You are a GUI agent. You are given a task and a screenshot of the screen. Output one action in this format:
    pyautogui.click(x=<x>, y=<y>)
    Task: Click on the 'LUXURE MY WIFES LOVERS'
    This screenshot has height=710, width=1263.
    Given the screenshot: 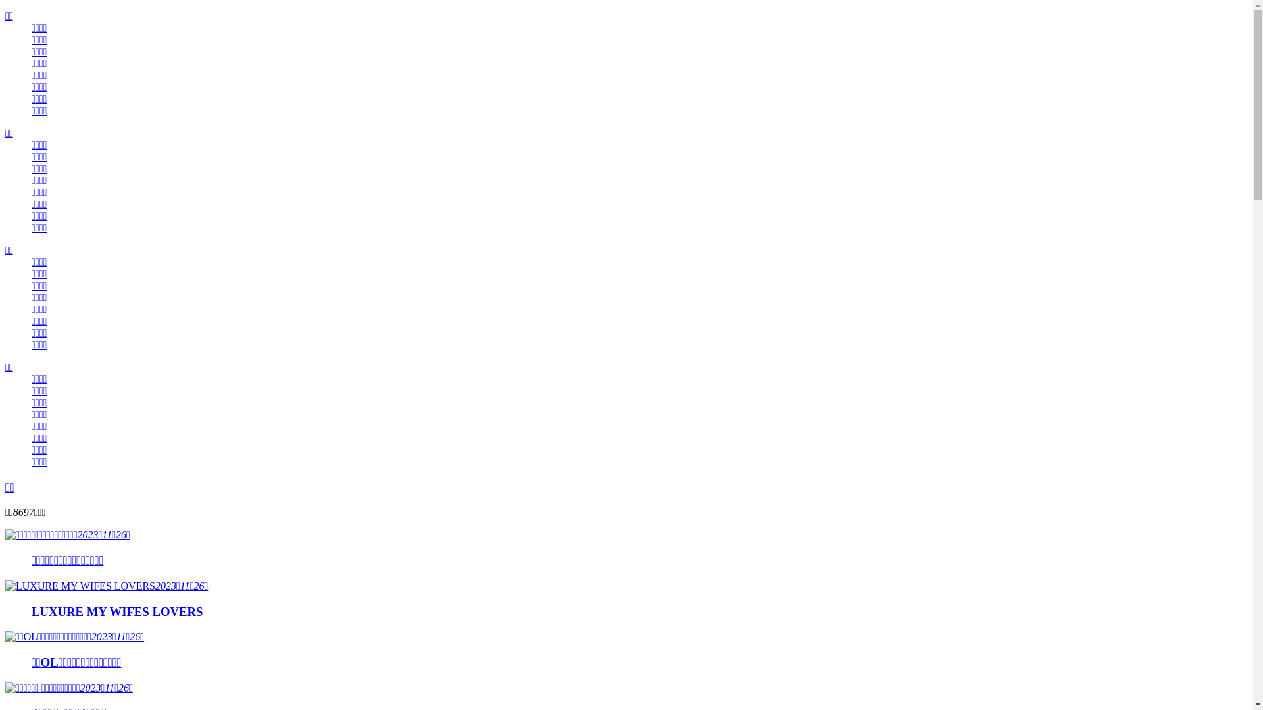 What is the action you would take?
    pyautogui.click(x=32, y=611)
    